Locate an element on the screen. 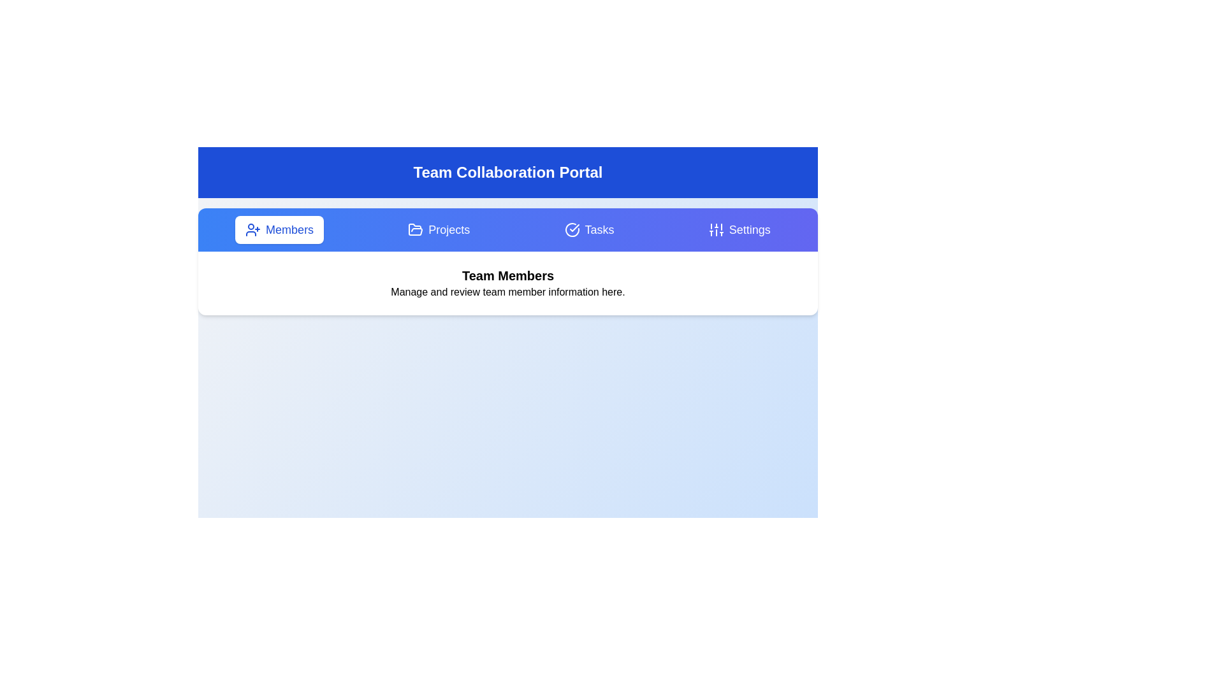 The image size is (1224, 688). the 'Tasks' button in the navigation bar is located at coordinates (588, 230).